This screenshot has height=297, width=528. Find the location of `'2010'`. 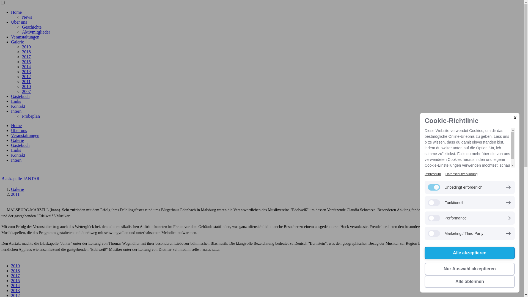

'2010' is located at coordinates (26, 86).